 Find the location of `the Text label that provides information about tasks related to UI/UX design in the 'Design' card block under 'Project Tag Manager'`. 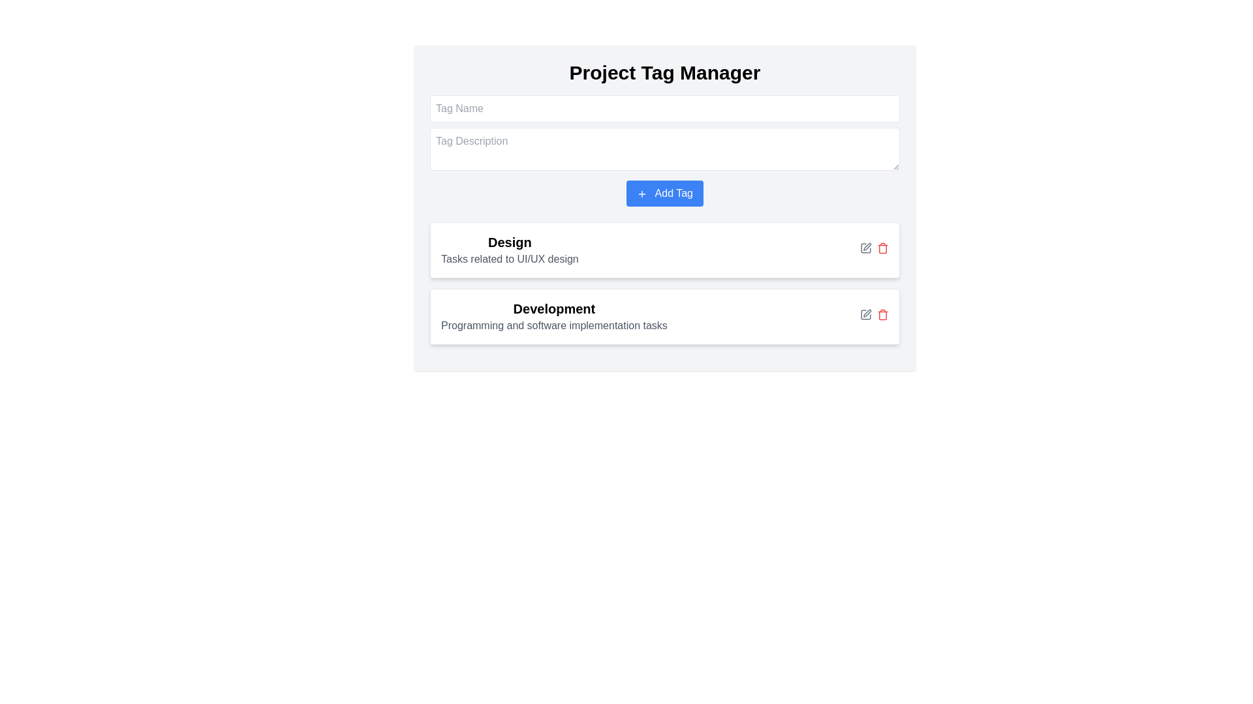

the Text label that provides information about tasks related to UI/UX design in the 'Design' card block under 'Project Tag Manager' is located at coordinates (509, 250).